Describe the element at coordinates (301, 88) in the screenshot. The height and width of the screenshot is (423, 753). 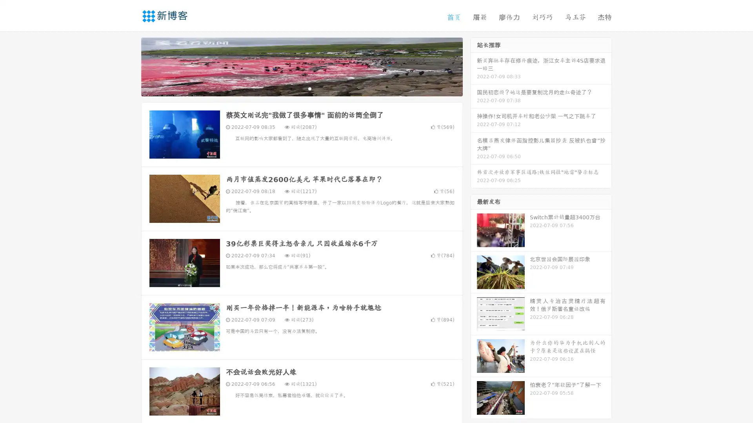
I see `Go to slide 2` at that location.